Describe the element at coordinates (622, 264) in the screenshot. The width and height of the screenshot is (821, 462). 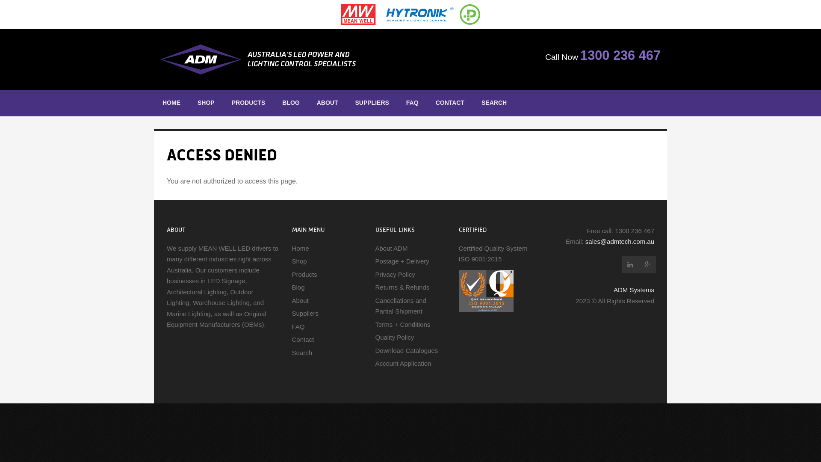
I see `'ADM Instrument Engineering LinkedIn'` at that location.